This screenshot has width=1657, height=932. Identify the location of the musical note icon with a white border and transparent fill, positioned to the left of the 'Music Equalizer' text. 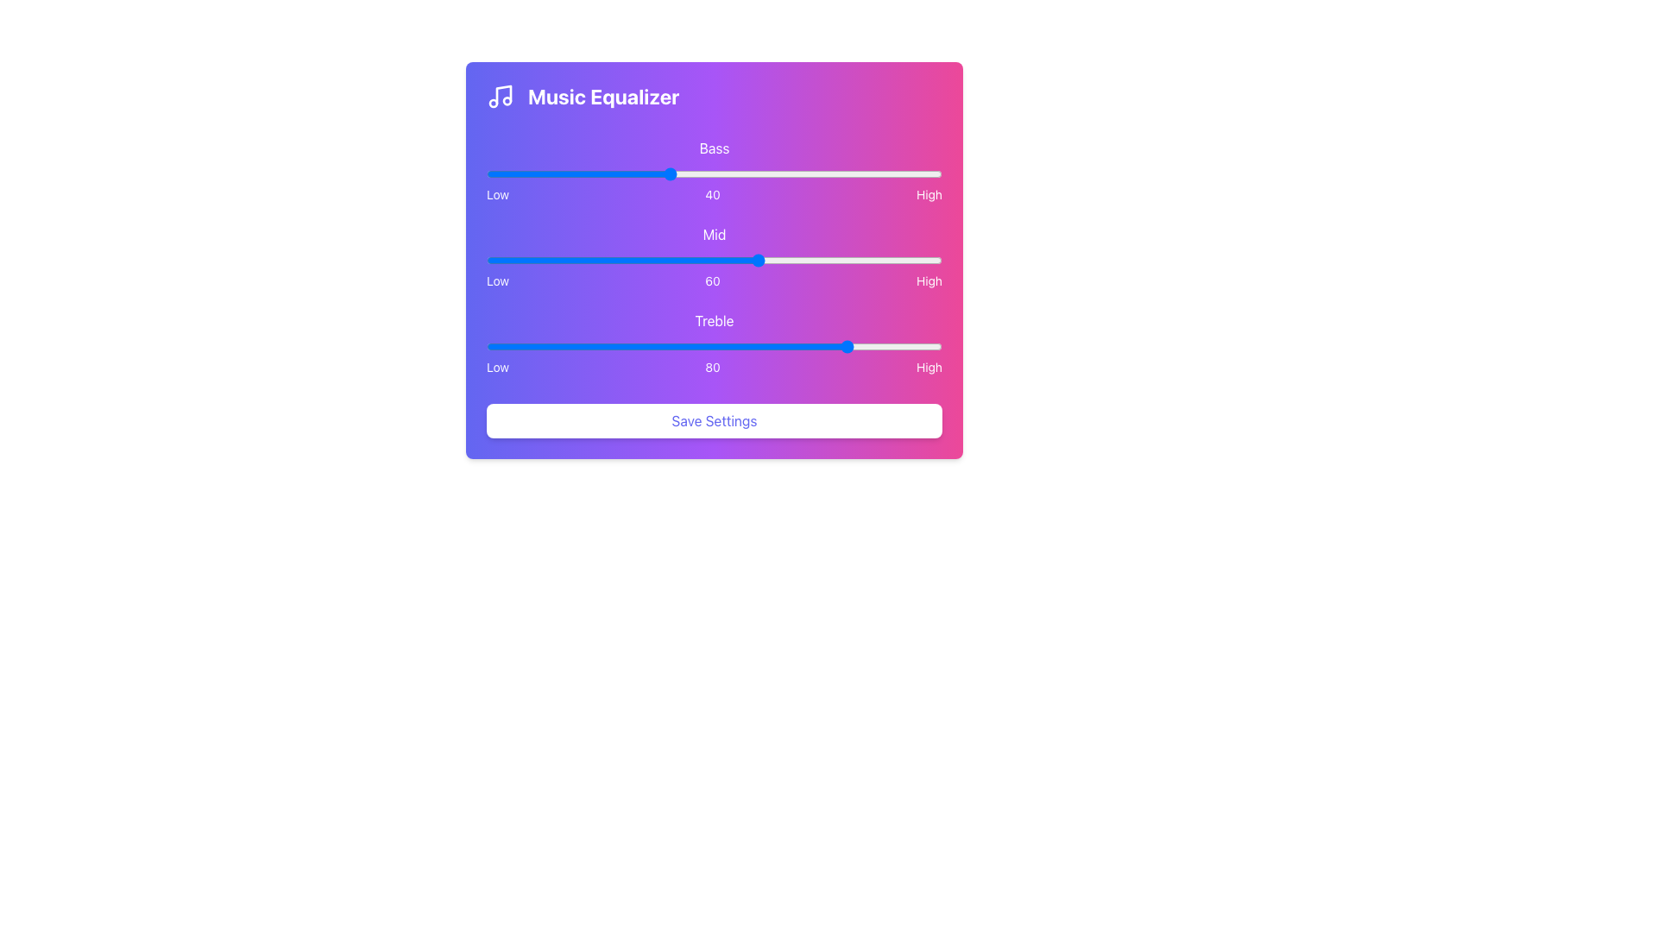
(500, 96).